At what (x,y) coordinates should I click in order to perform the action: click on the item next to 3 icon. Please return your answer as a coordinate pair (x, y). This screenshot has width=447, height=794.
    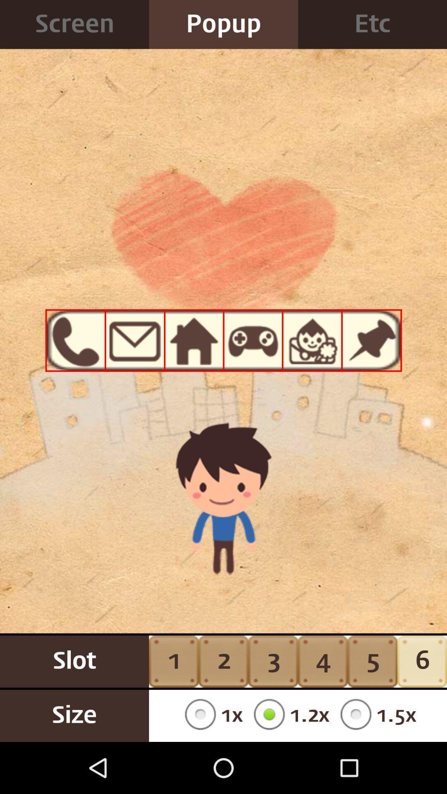
    Looking at the image, I should click on (322, 661).